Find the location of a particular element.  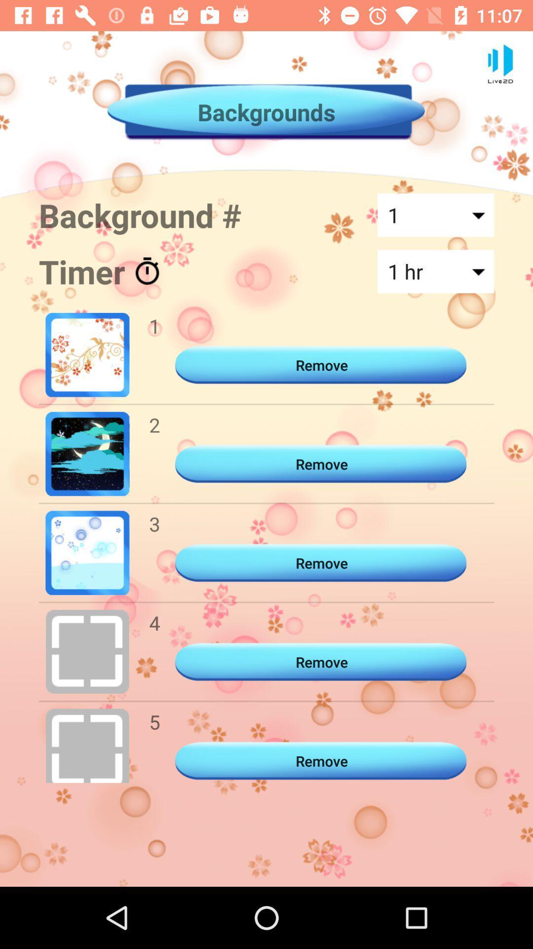

the icon below the 3 is located at coordinates (154, 622).